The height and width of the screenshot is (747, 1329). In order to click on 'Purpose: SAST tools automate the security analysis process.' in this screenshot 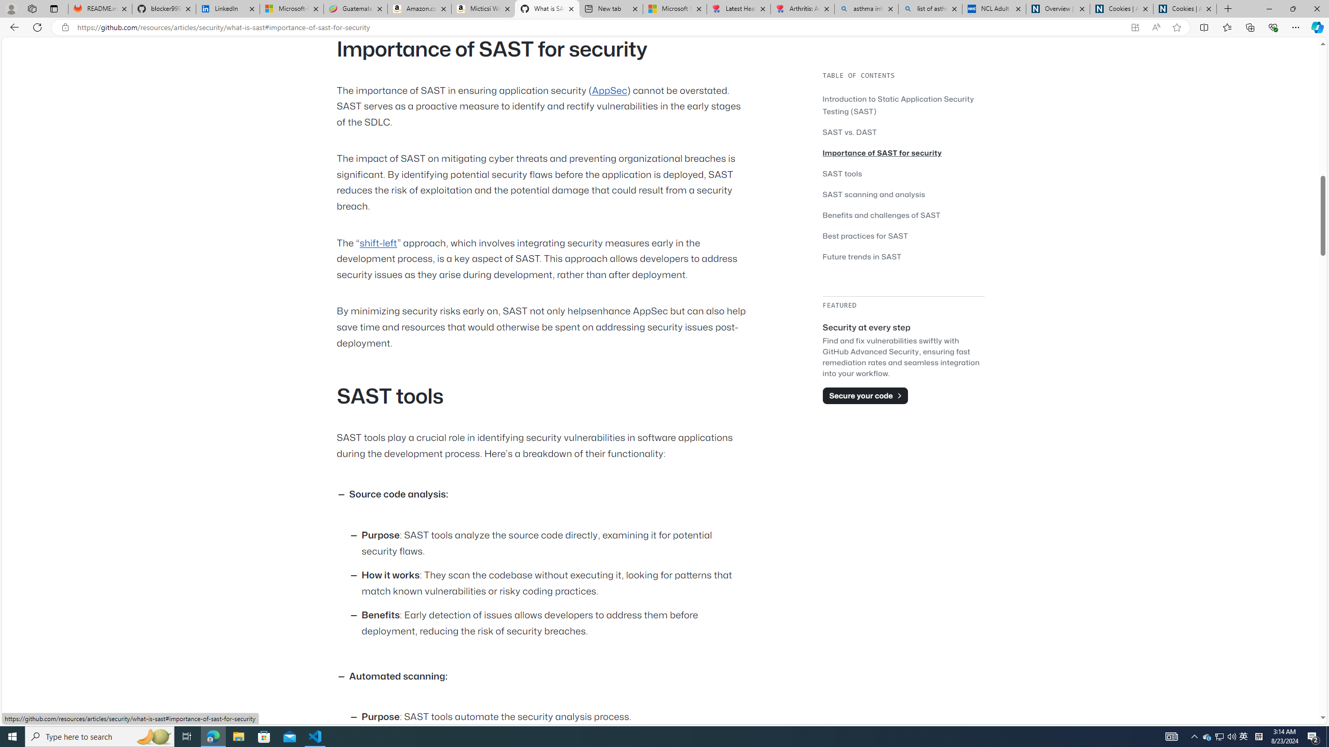, I will do `click(555, 717)`.